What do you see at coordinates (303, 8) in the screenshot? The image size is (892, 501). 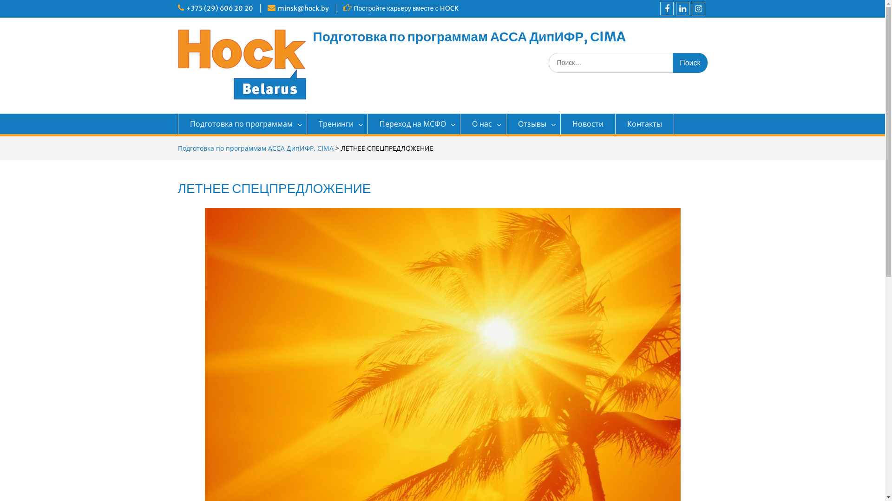 I see `'minsk@hock.by'` at bounding box center [303, 8].